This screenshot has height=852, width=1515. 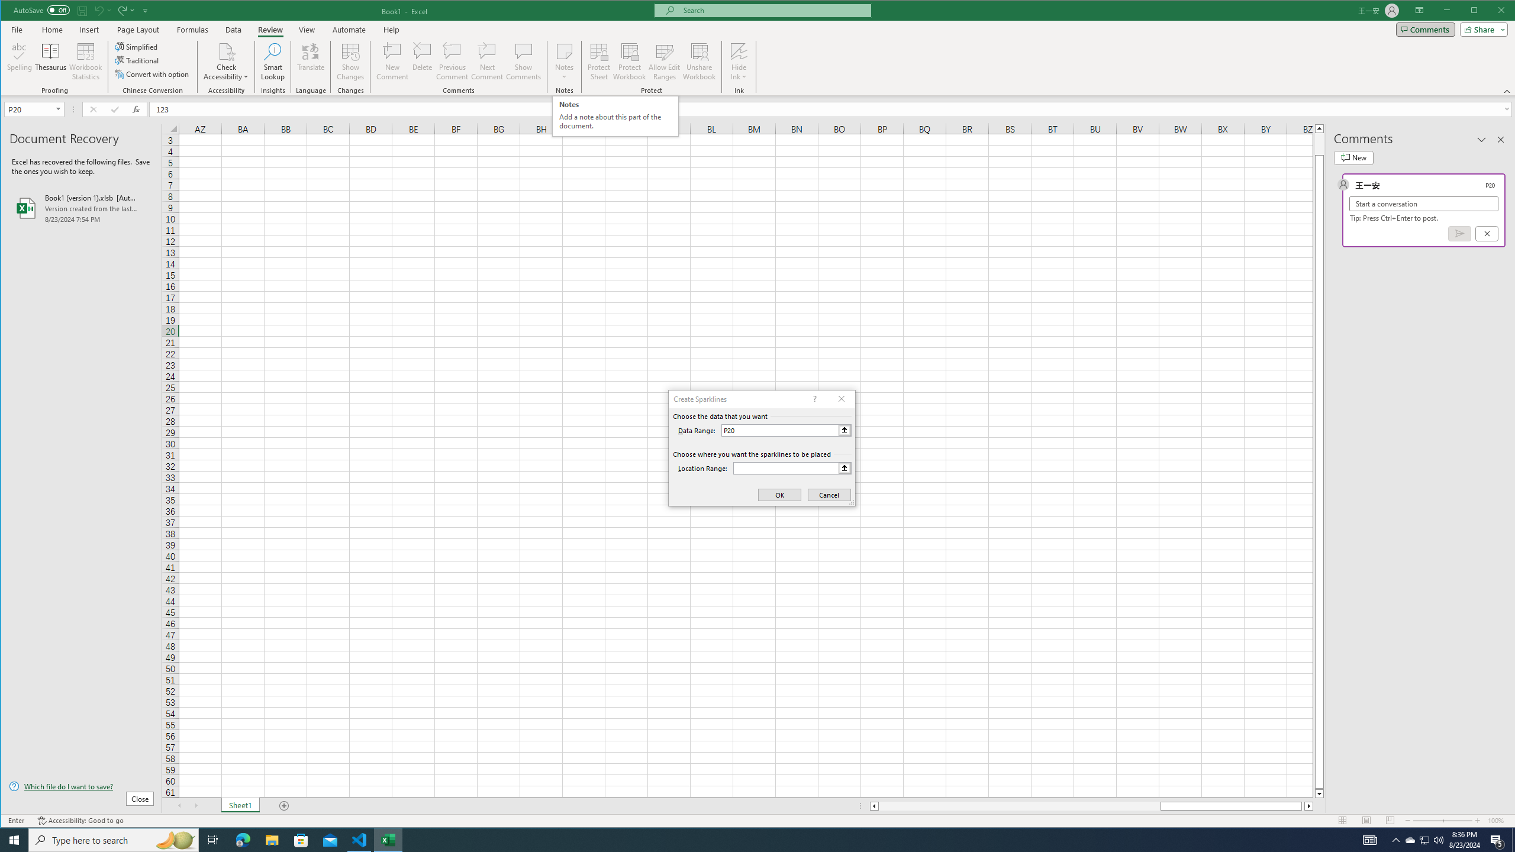 I want to click on 'Page left', so click(x=1018, y=806).